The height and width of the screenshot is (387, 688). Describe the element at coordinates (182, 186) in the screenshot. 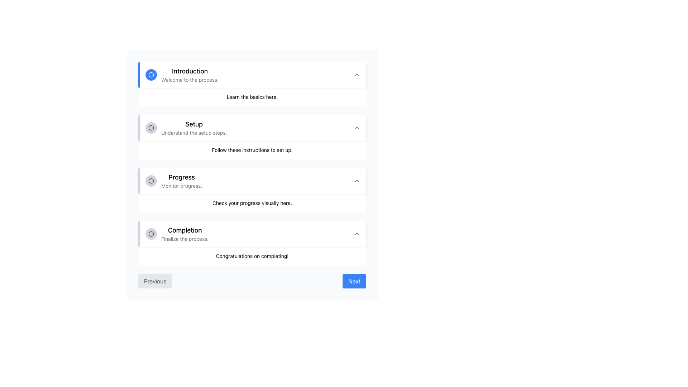

I see `the text label reading 'Monitor progress.' which is positioned below the bold heading 'Progress'` at that location.